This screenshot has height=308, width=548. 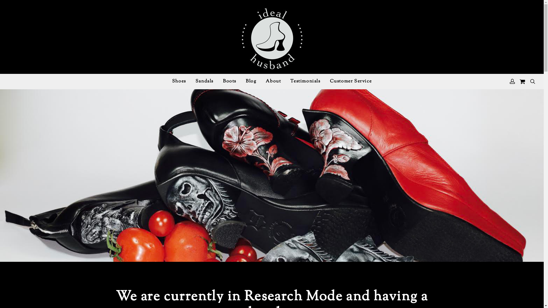 What do you see at coordinates (196, 81) in the screenshot?
I see `'Sandals'` at bounding box center [196, 81].